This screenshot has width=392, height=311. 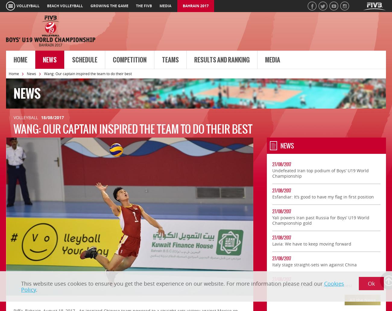 I want to click on 'Volleyball', so click(x=26, y=117).